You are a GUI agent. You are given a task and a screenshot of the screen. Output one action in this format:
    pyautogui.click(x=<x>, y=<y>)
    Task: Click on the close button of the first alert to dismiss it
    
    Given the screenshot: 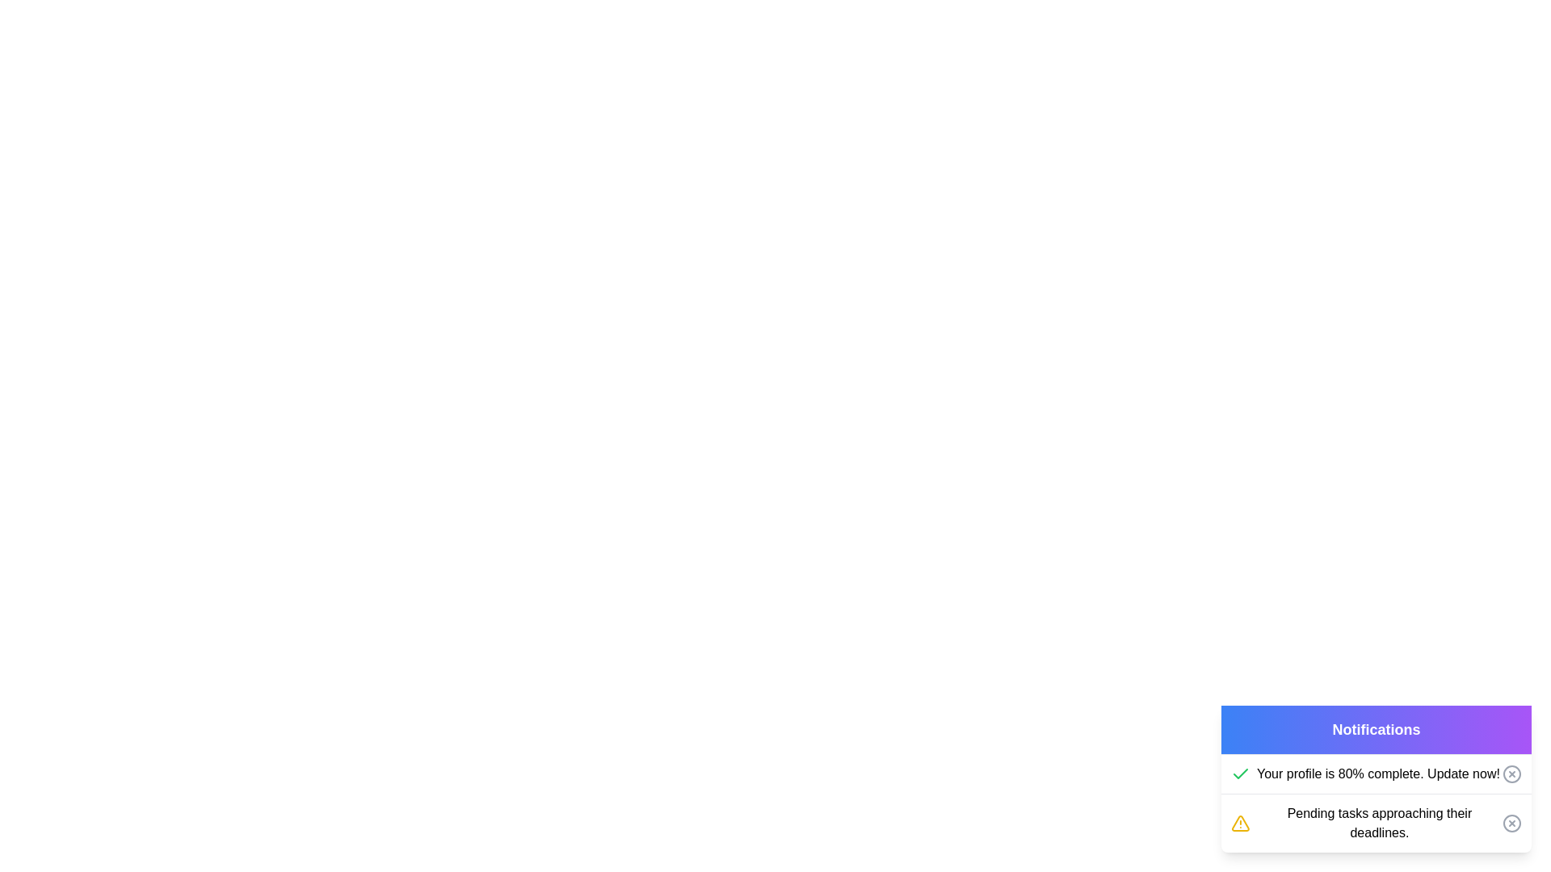 What is the action you would take?
    pyautogui.click(x=1511, y=773)
    